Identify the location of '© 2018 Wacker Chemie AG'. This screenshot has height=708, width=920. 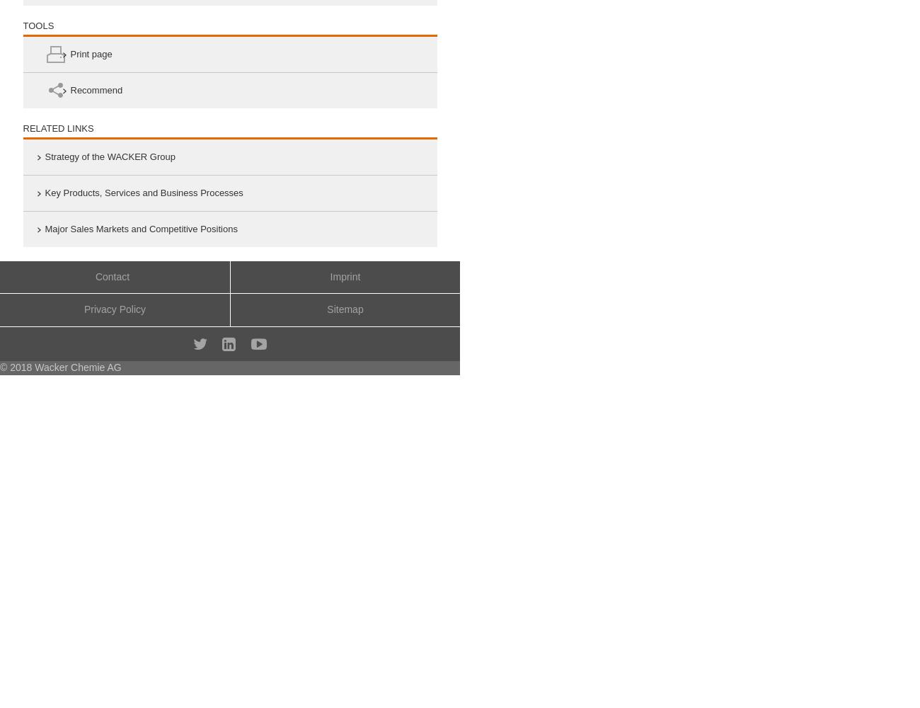
(60, 367).